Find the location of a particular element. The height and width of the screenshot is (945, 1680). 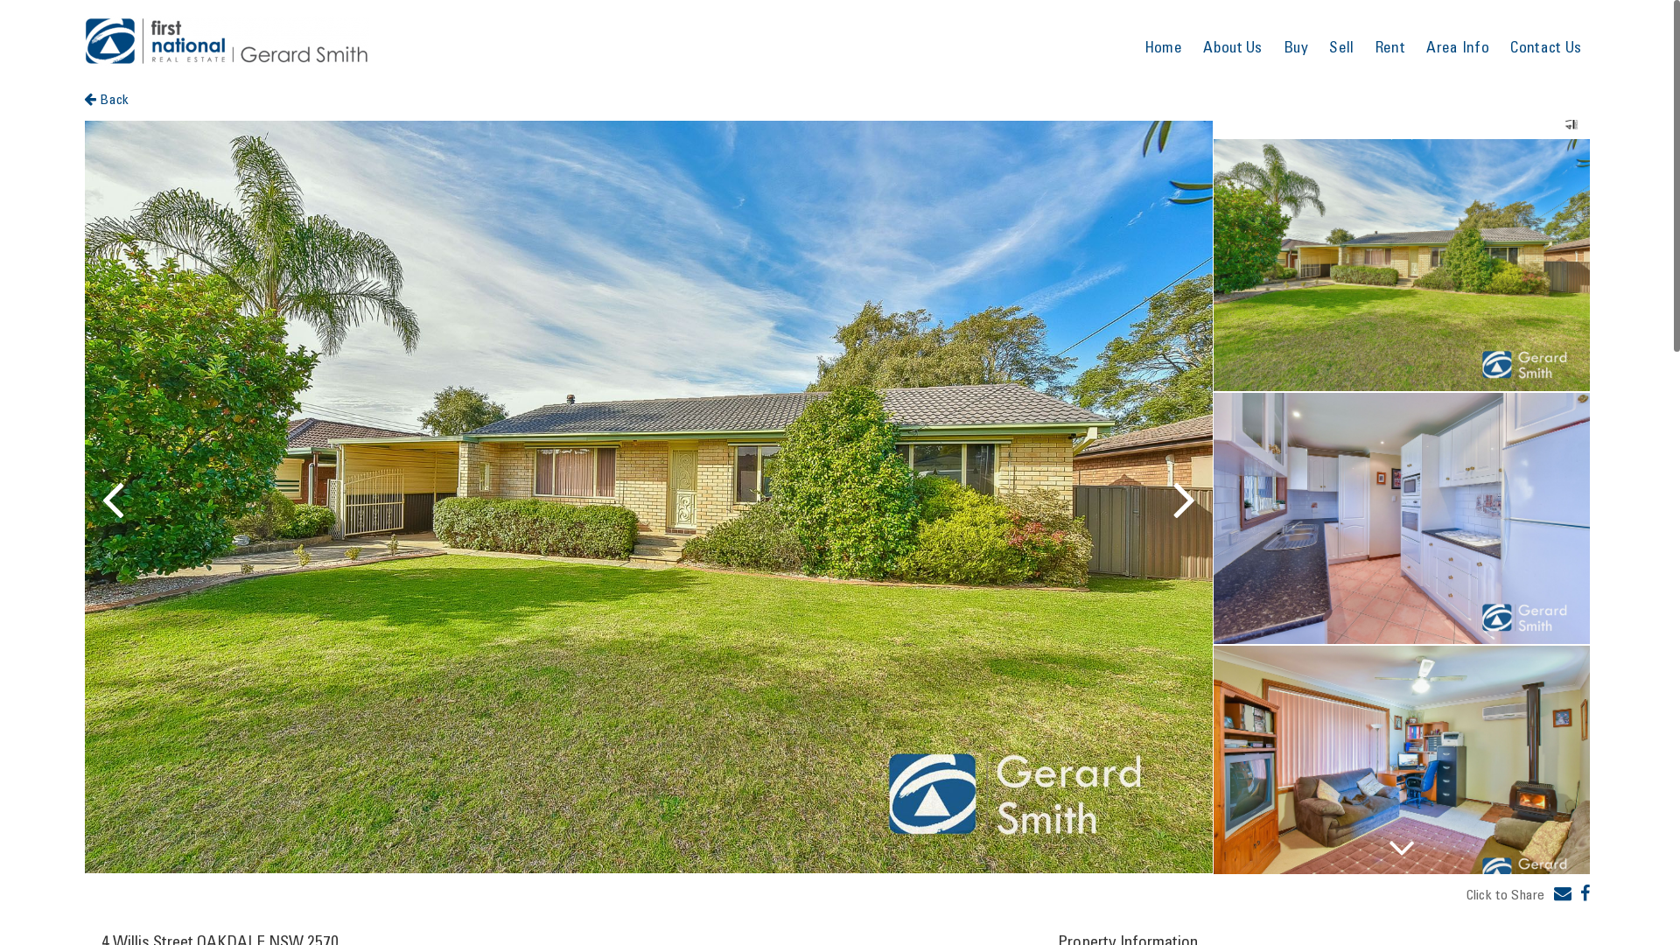

'Home' is located at coordinates (1163, 46).